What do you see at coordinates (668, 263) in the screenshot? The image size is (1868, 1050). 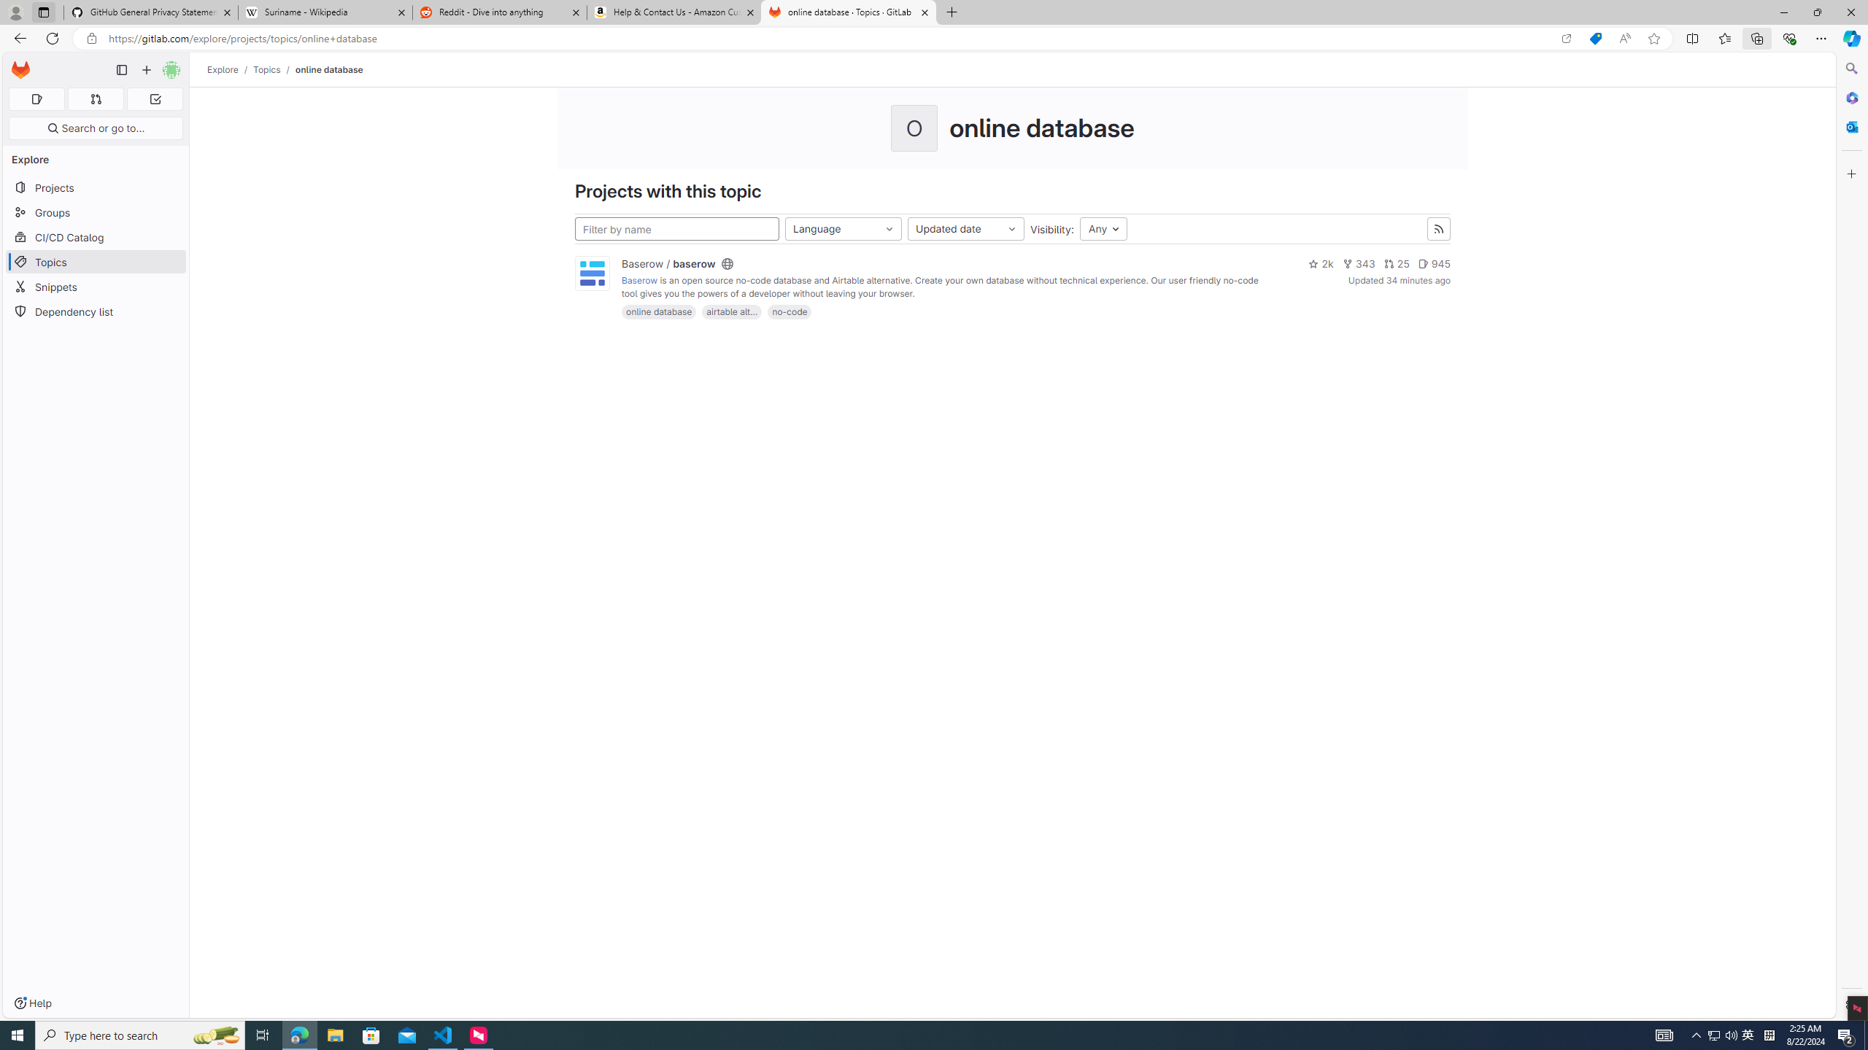 I see `'Baserow / baserow'` at bounding box center [668, 263].